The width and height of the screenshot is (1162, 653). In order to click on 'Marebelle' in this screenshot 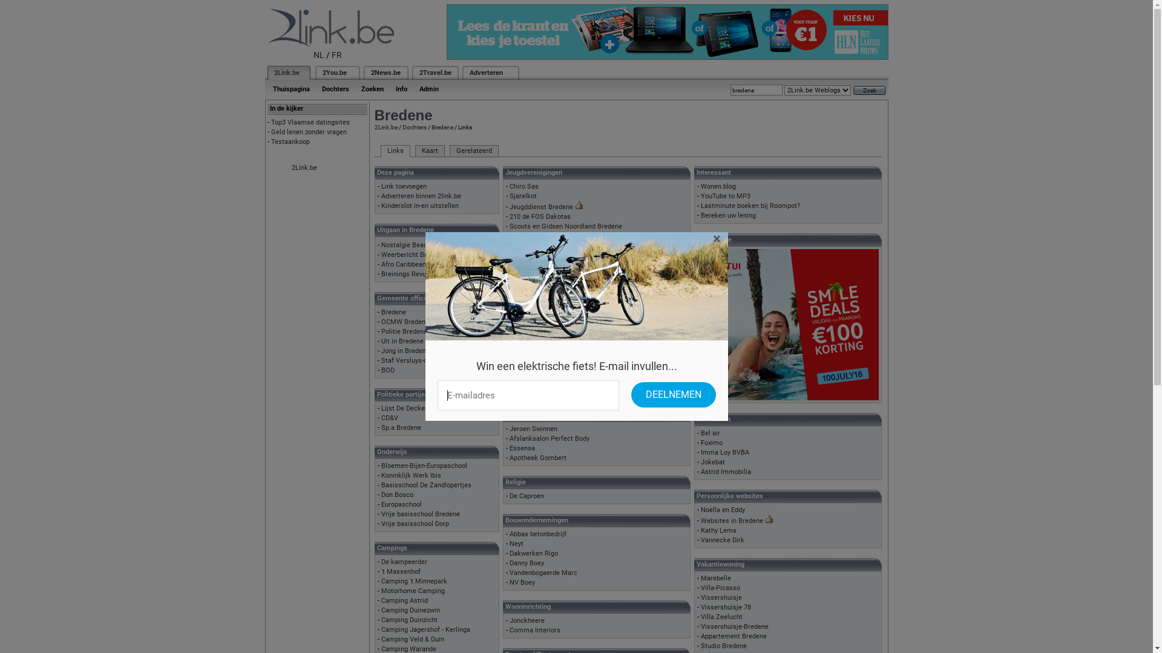, I will do `click(715, 577)`.